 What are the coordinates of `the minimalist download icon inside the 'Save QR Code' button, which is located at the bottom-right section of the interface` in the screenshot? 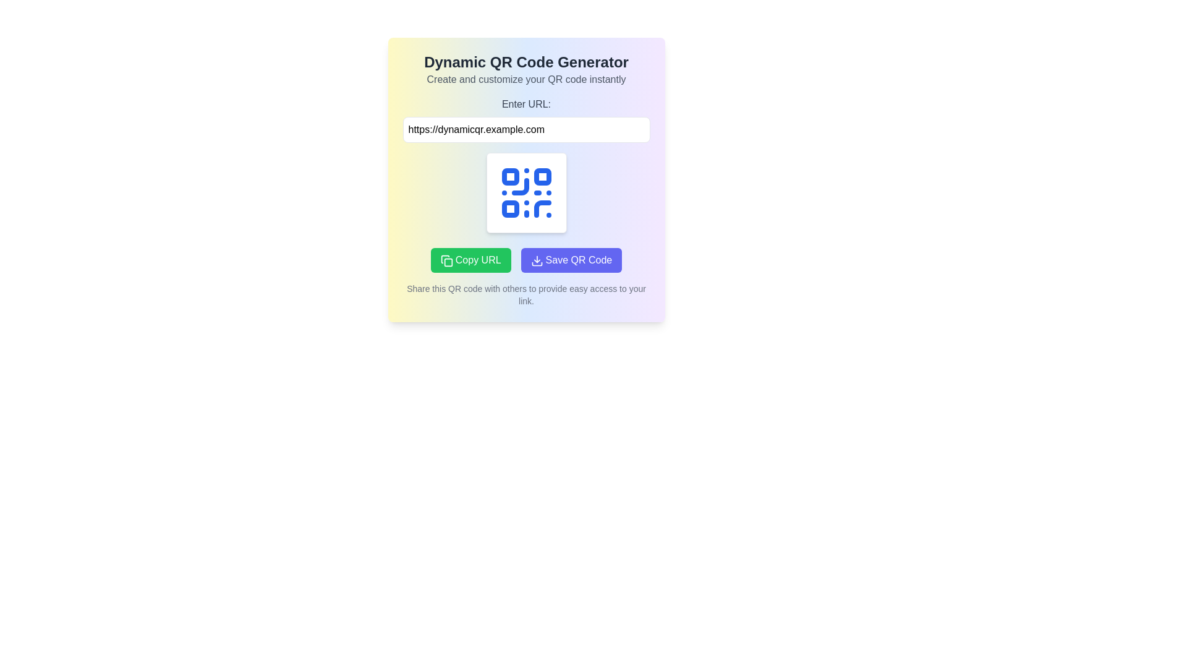 It's located at (537, 260).